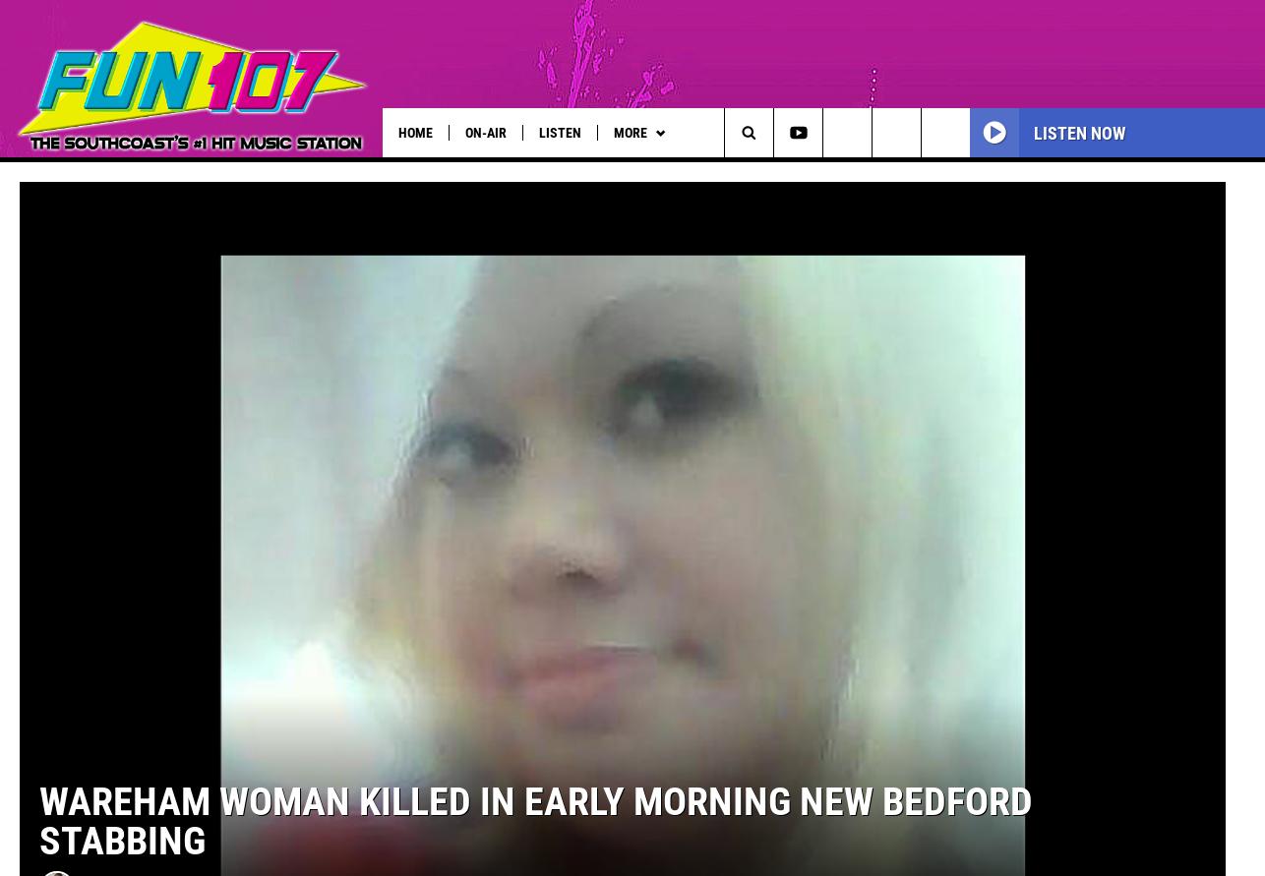 The width and height of the screenshot is (1265, 876). What do you see at coordinates (684, 171) in the screenshot?
I see `'Tuesday's Child'` at bounding box center [684, 171].